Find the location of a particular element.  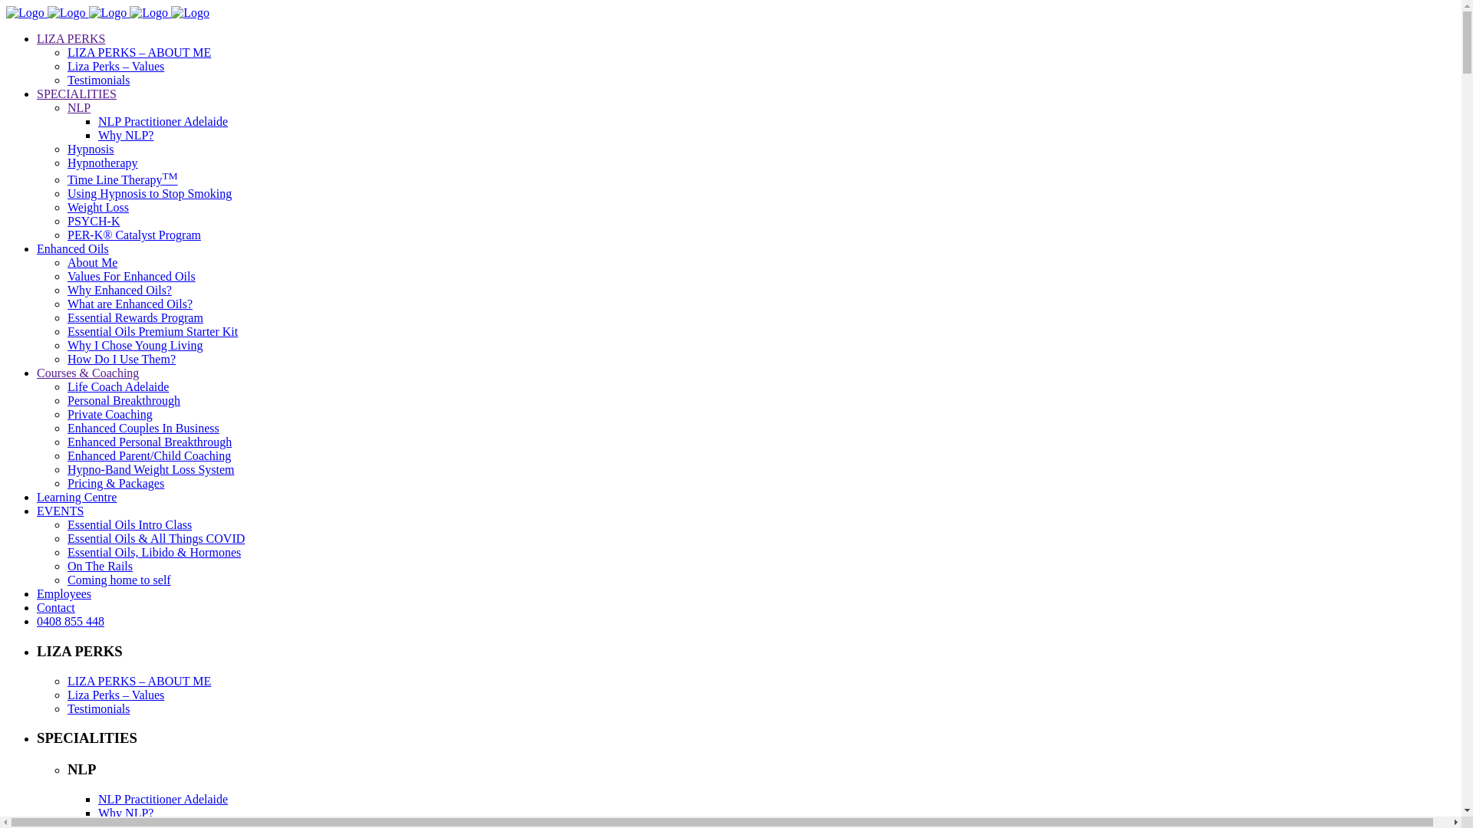

'Weight Loss' is located at coordinates (97, 207).